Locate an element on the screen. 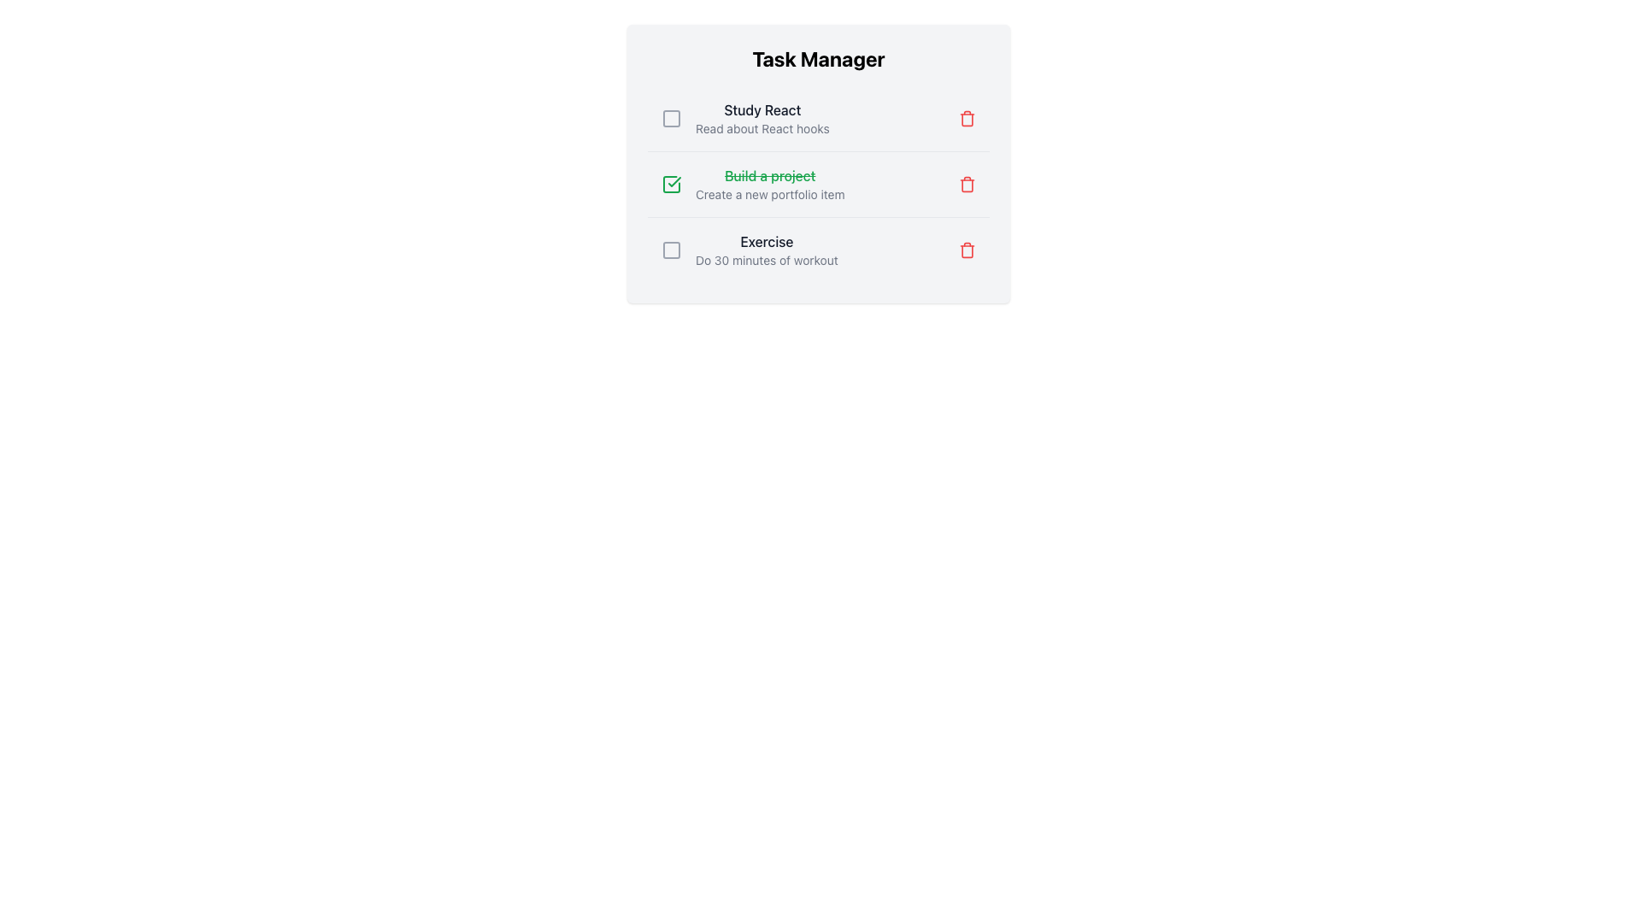 The height and width of the screenshot is (923, 1641). the interactive checkbox located in the row for the 'Exercise - Do 30 minutes of workout' task is located at coordinates (671, 250).